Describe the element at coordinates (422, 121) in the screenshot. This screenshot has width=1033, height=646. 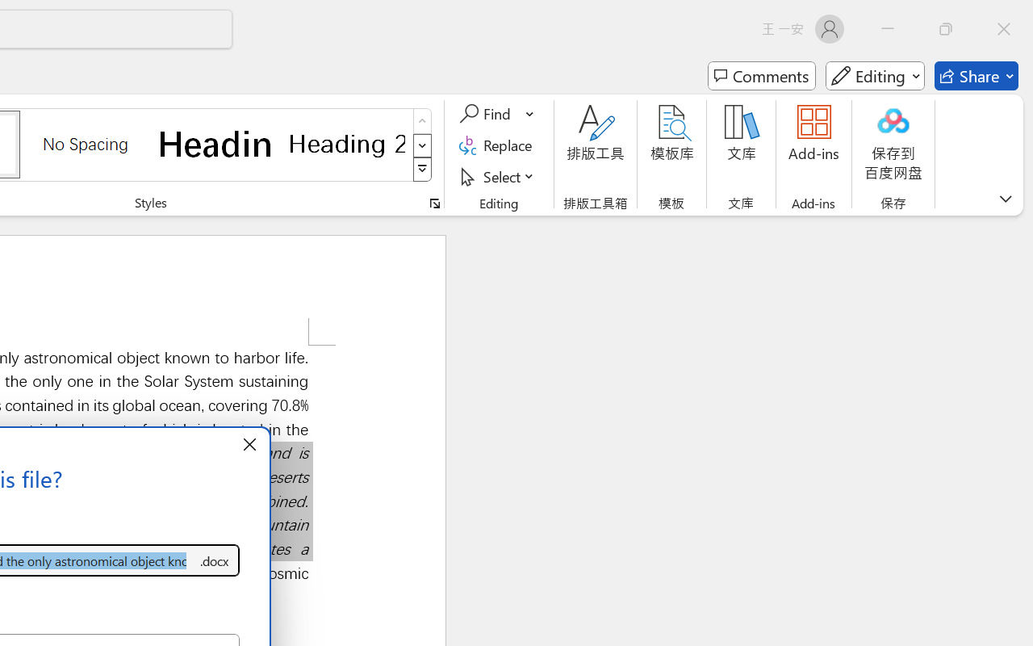
I see `'Row up'` at that location.